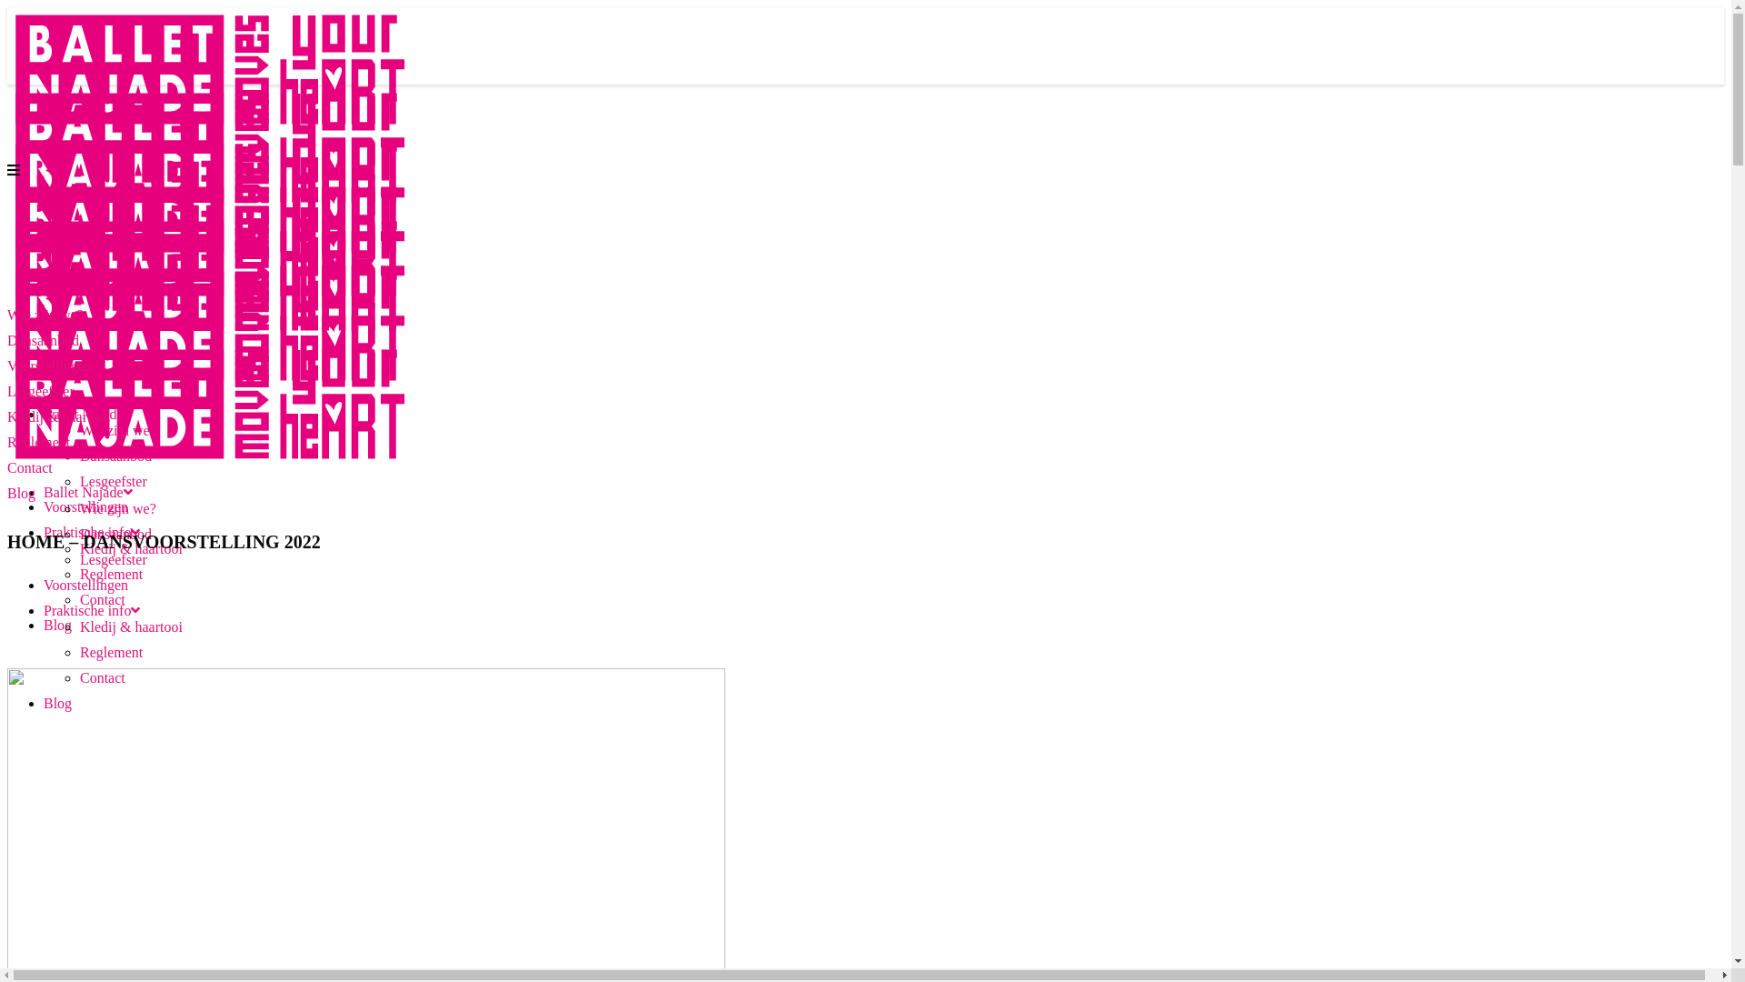 The image size is (1745, 982). I want to click on 'Praktische info', so click(90, 610).